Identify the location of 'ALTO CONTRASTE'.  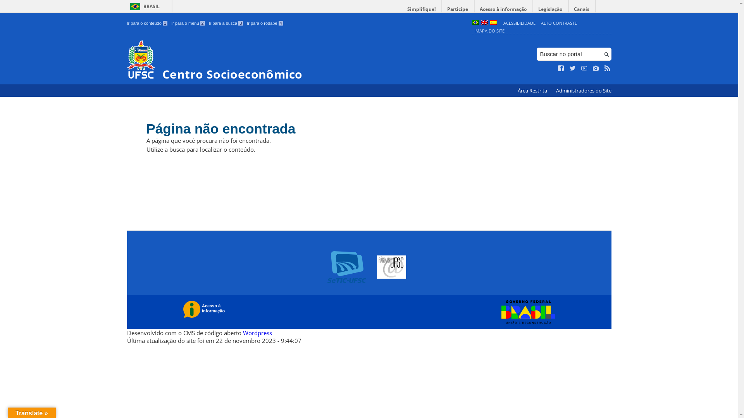
(559, 22).